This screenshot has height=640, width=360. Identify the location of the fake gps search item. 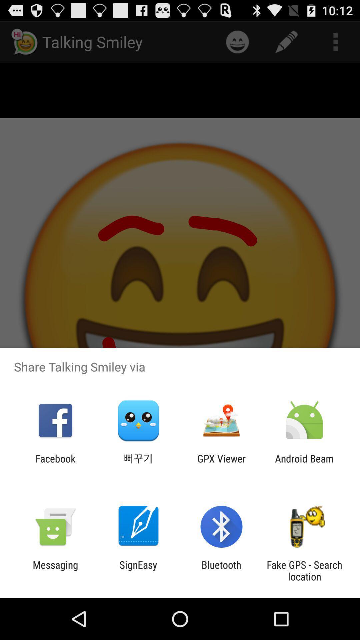
(304, 570).